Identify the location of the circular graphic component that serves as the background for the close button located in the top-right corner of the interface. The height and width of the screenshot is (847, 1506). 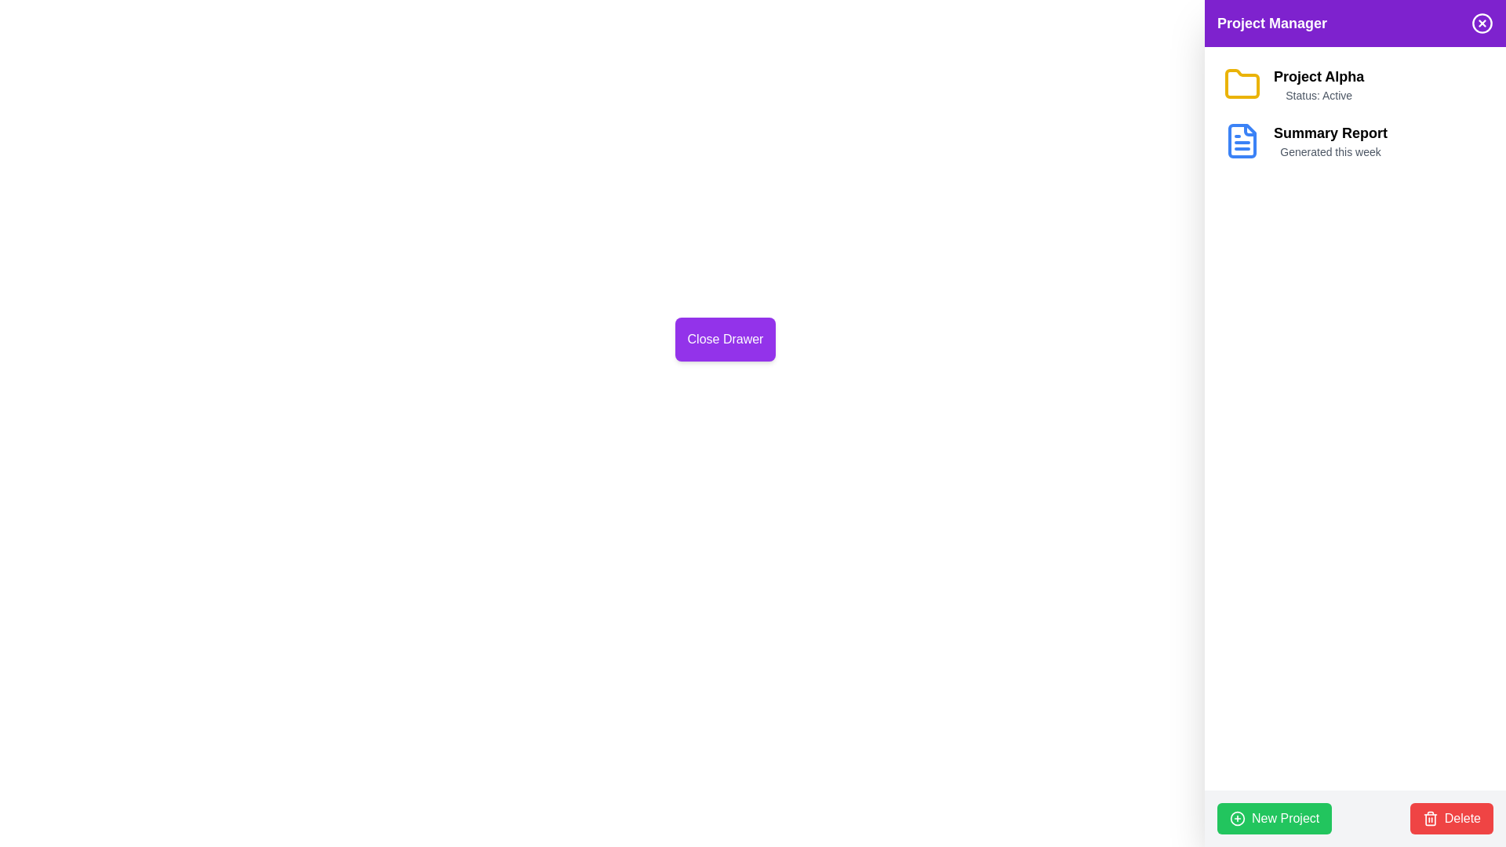
(1482, 23).